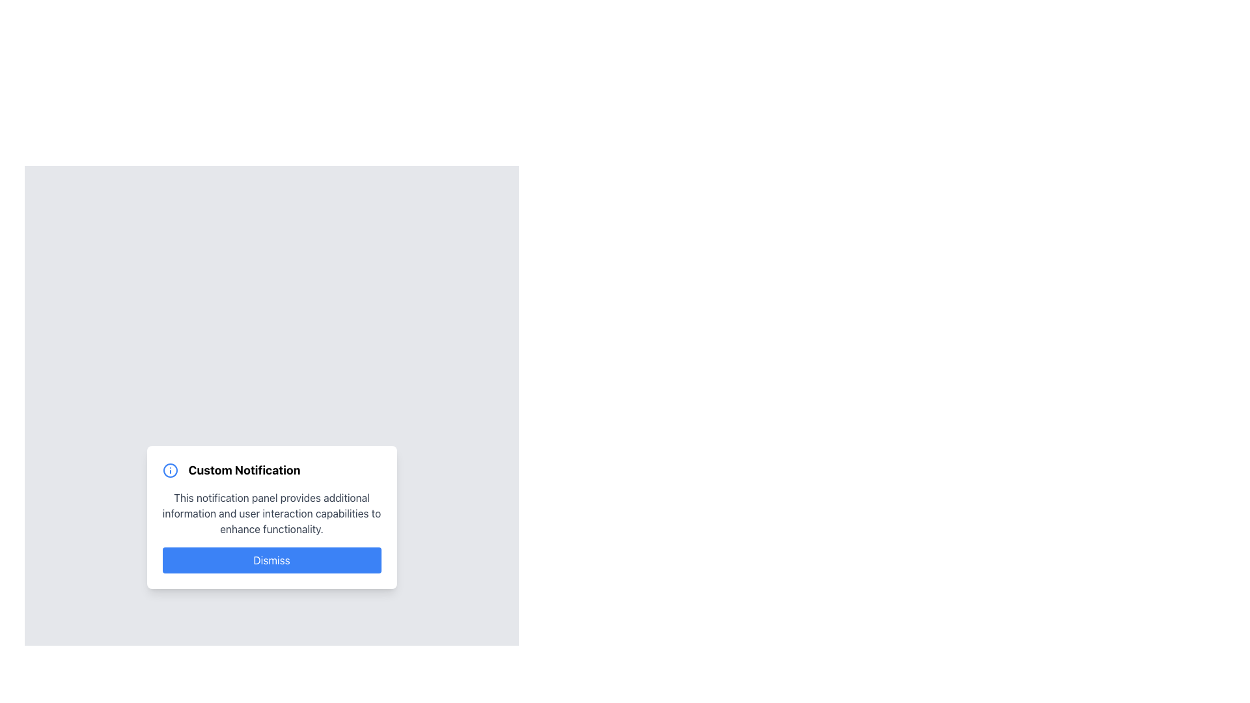 The image size is (1250, 703). I want to click on the circular informational icon with a blue outline located to the left of the 'Custom Notification' text in the notification panel, so click(169, 470).